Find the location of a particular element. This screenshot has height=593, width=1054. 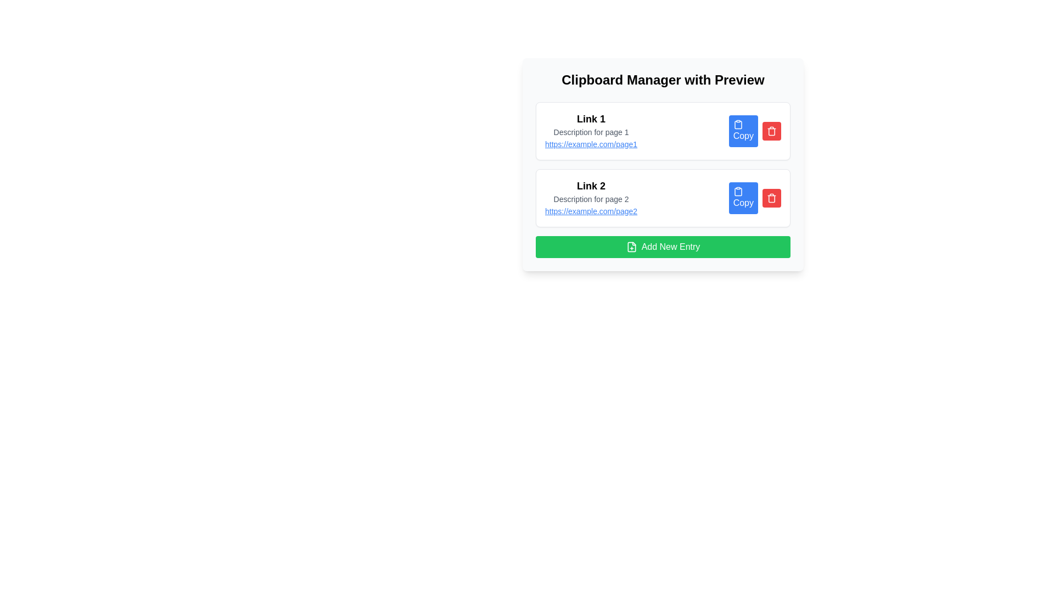

the trash bin icon button with a red background is located at coordinates (771, 131).